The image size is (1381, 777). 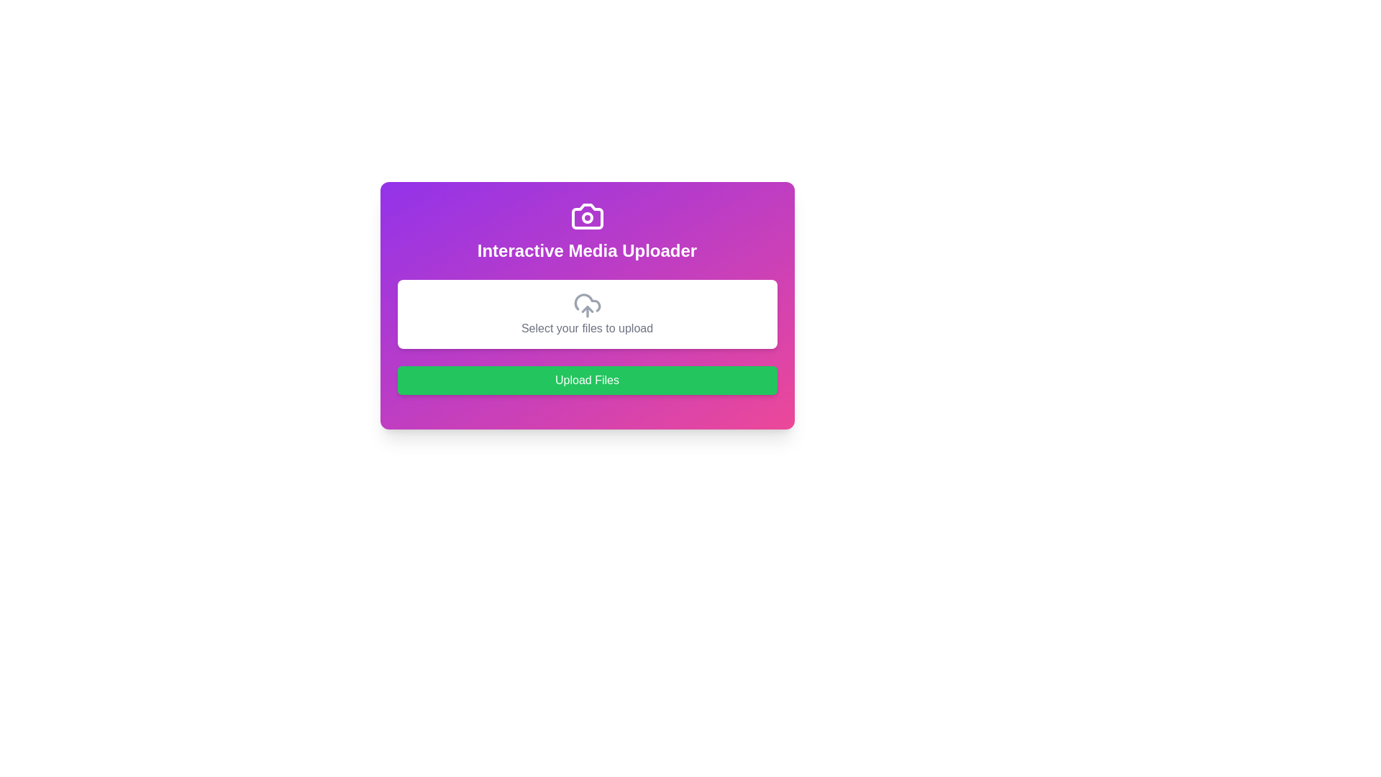 I want to click on the brightly colored rectangular button with rounded corners and a green background that reads 'Upload Files' to upload selected files, so click(x=587, y=379).